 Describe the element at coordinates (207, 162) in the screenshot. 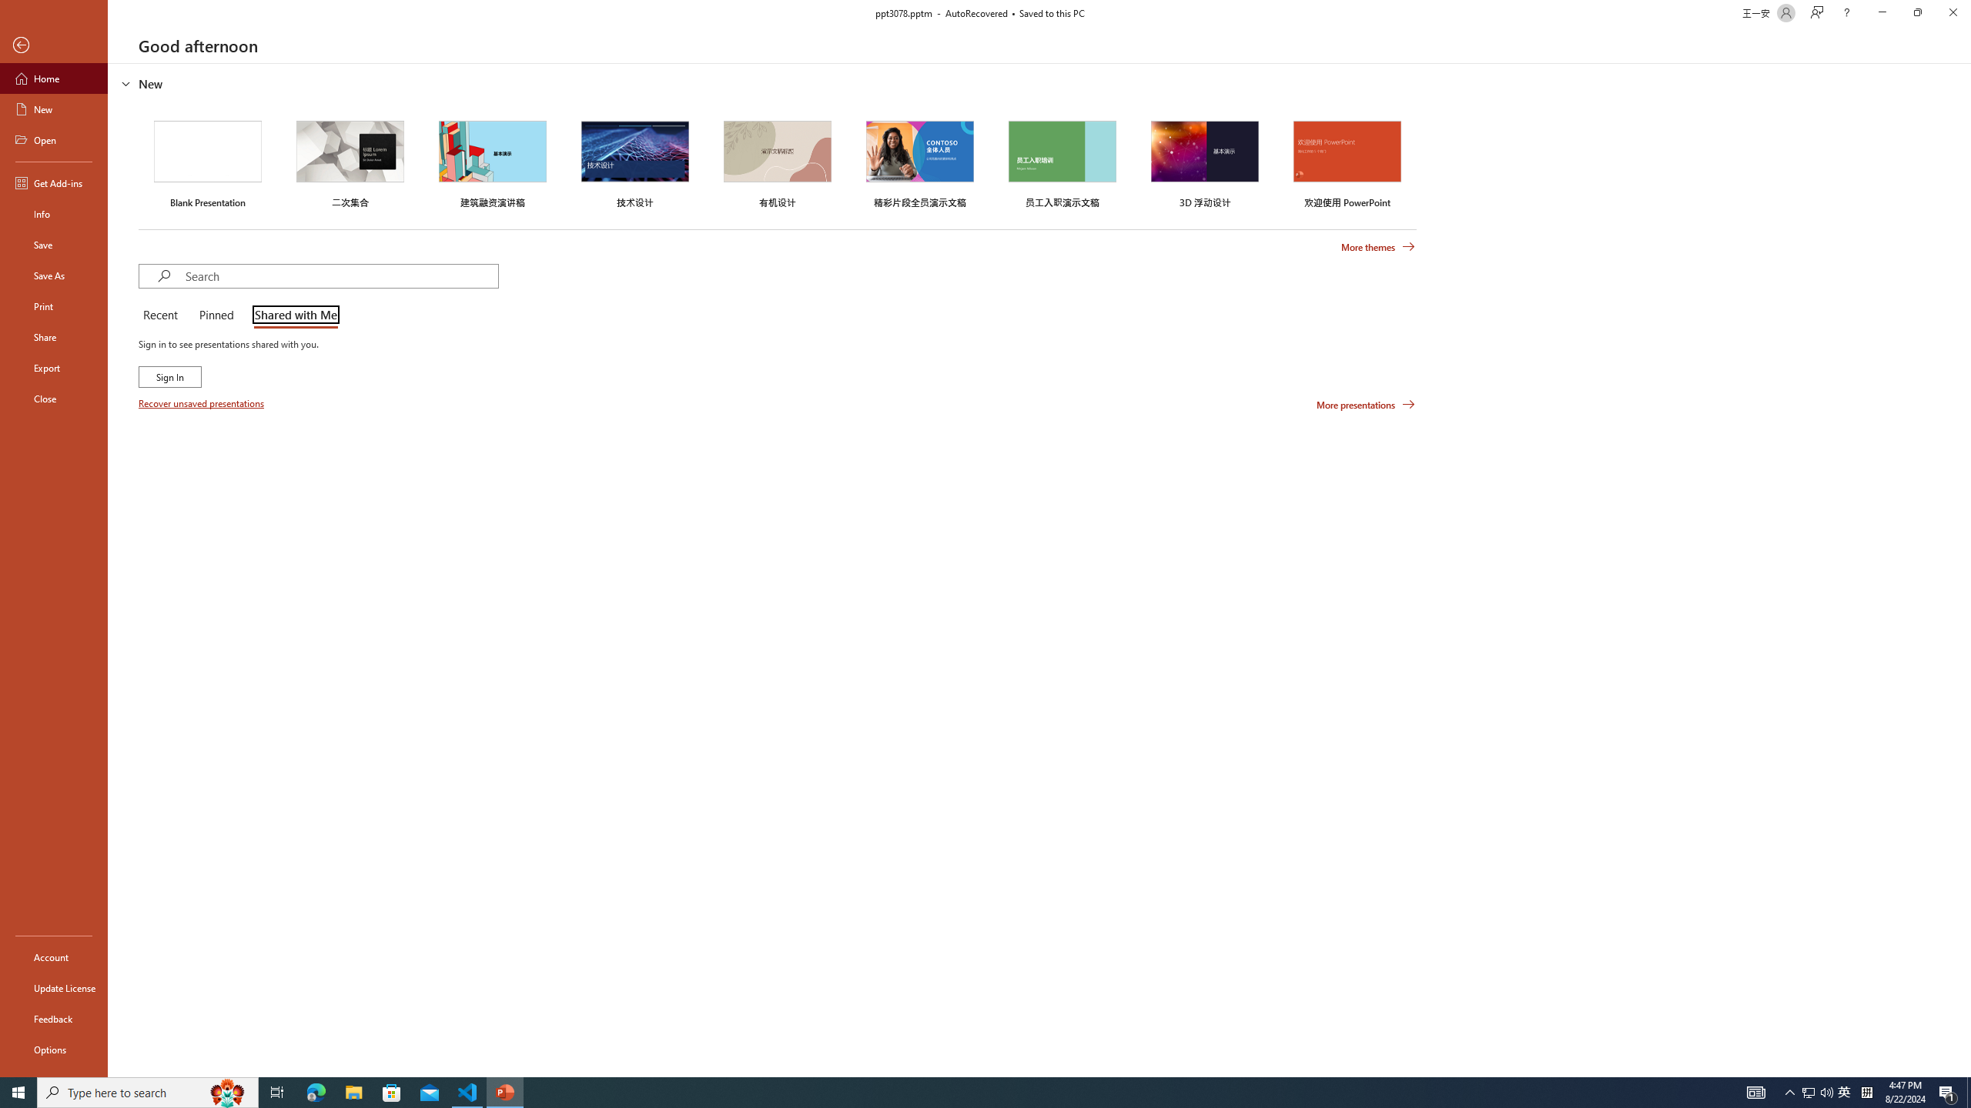

I see `'Blank Presentation'` at that location.